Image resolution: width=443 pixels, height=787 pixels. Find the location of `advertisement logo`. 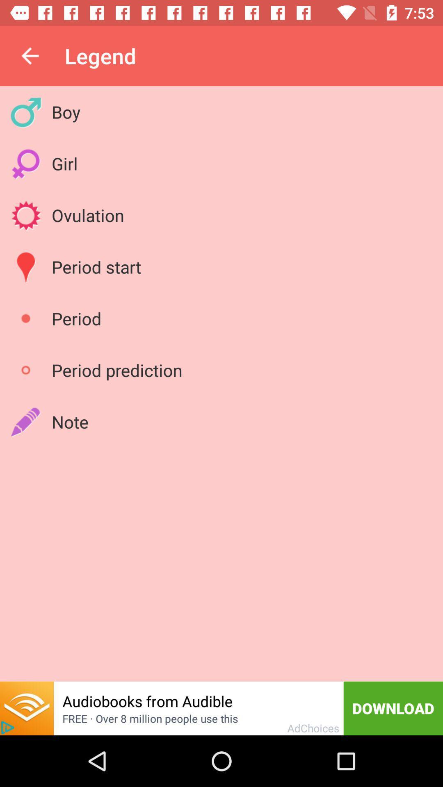

advertisement logo is located at coordinates (7, 728).